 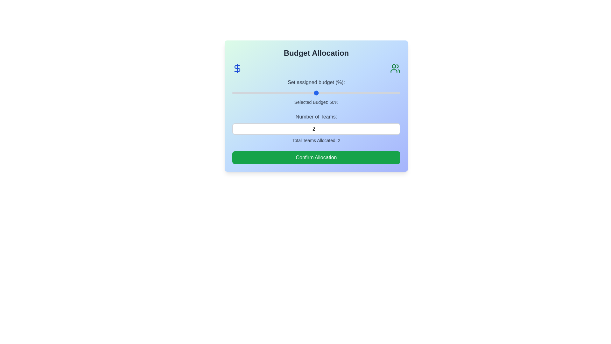 I want to click on the budget slider to set the budget to 86%, so click(x=377, y=93).